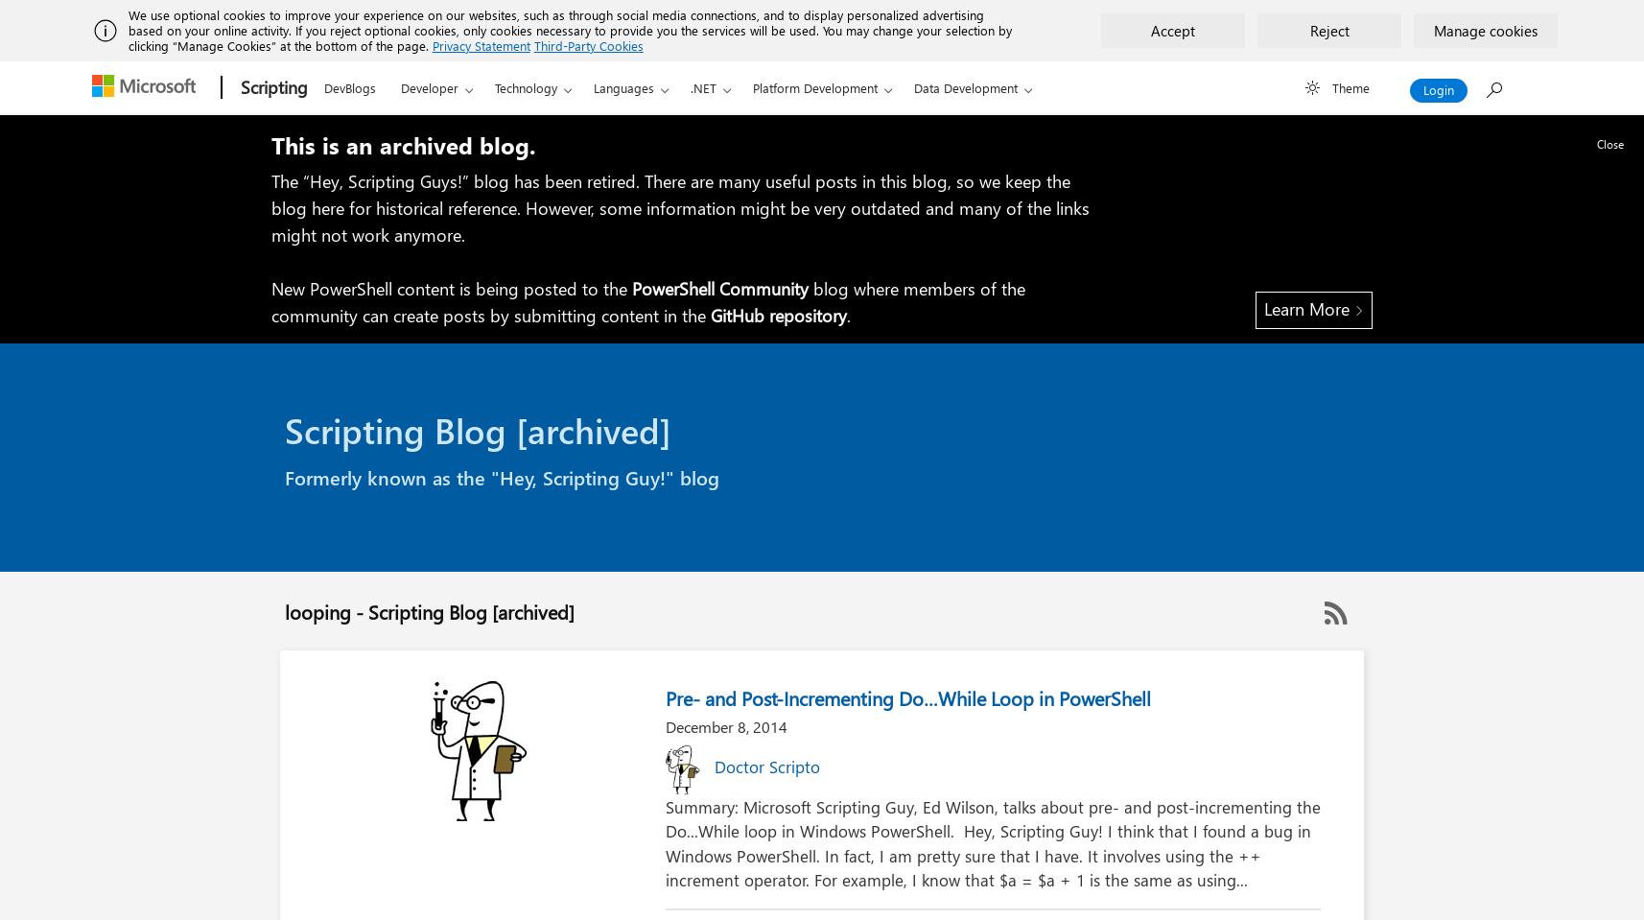 This screenshot has height=920, width=1644. I want to click on 'Scripting', so click(273, 87).